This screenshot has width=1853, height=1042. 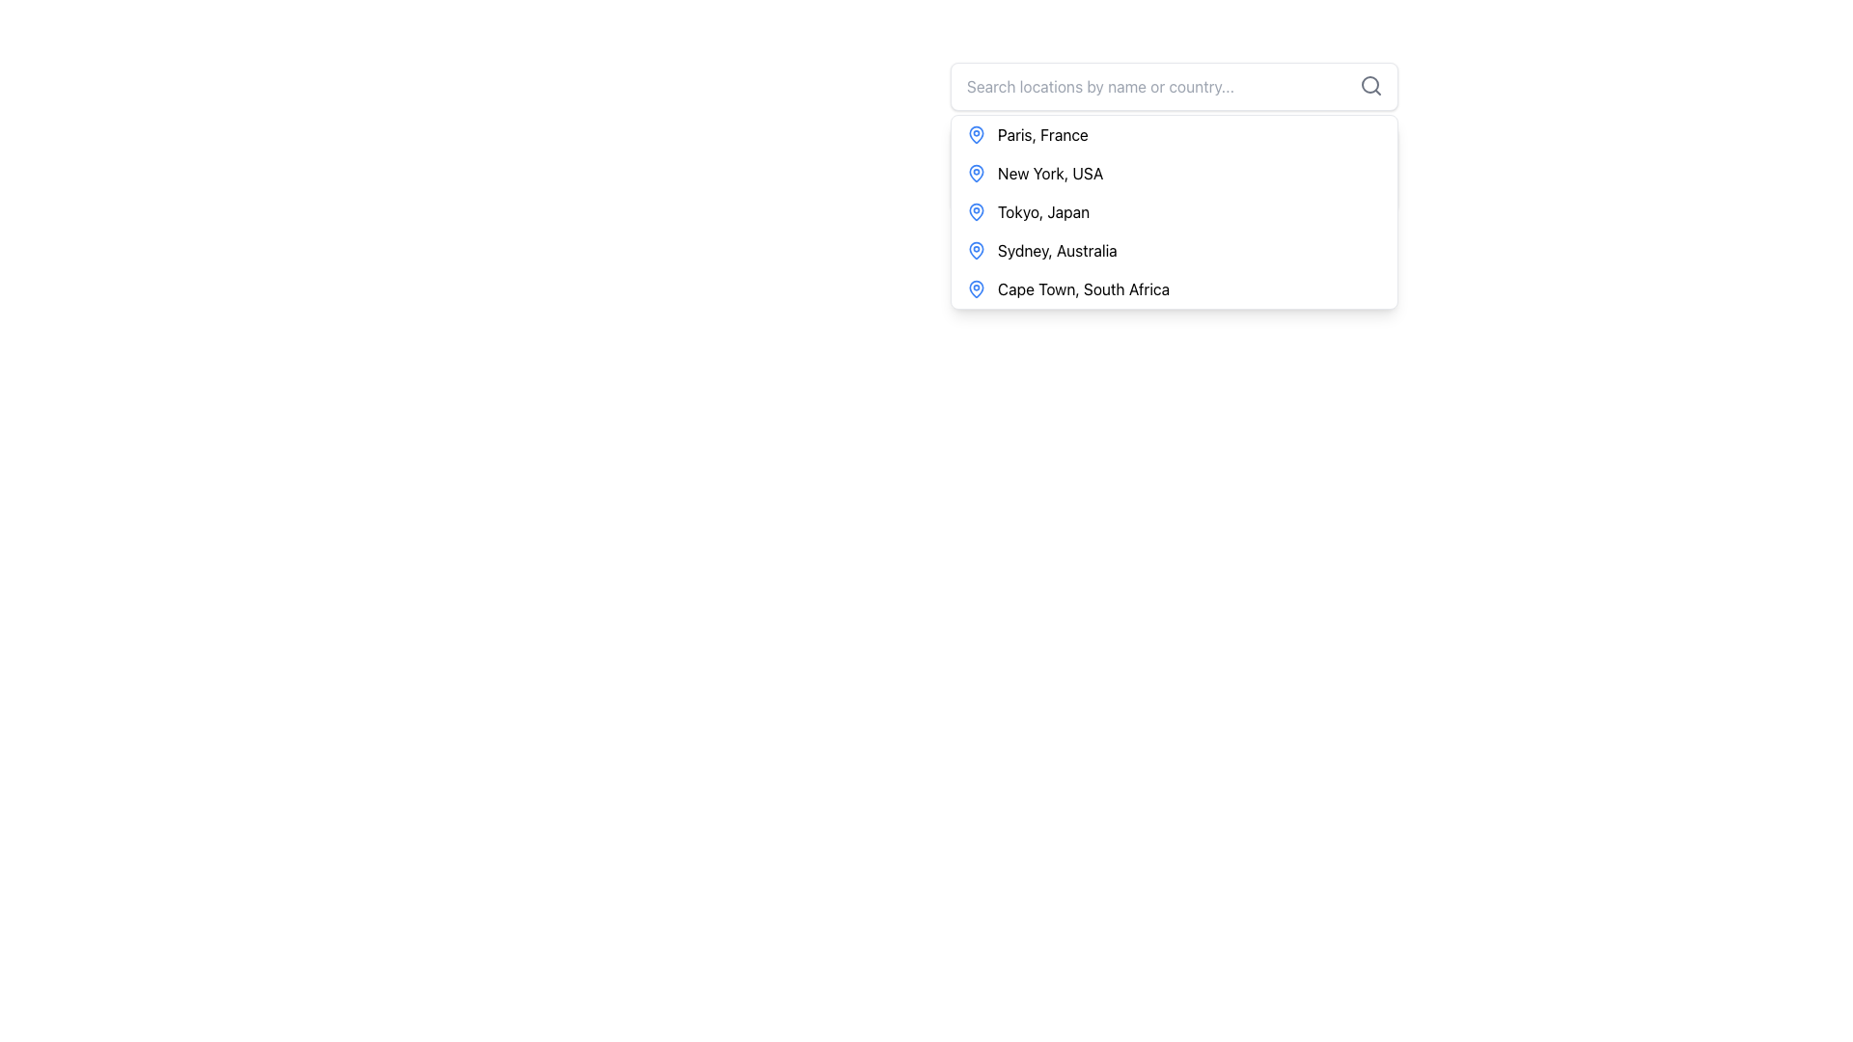 What do you see at coordinates (1174, 211) in the screenshot?
I see `the third location item in the list to trigger the highlight effect for 'Tokyo, Japan'` at bounding box center [1174, 211].